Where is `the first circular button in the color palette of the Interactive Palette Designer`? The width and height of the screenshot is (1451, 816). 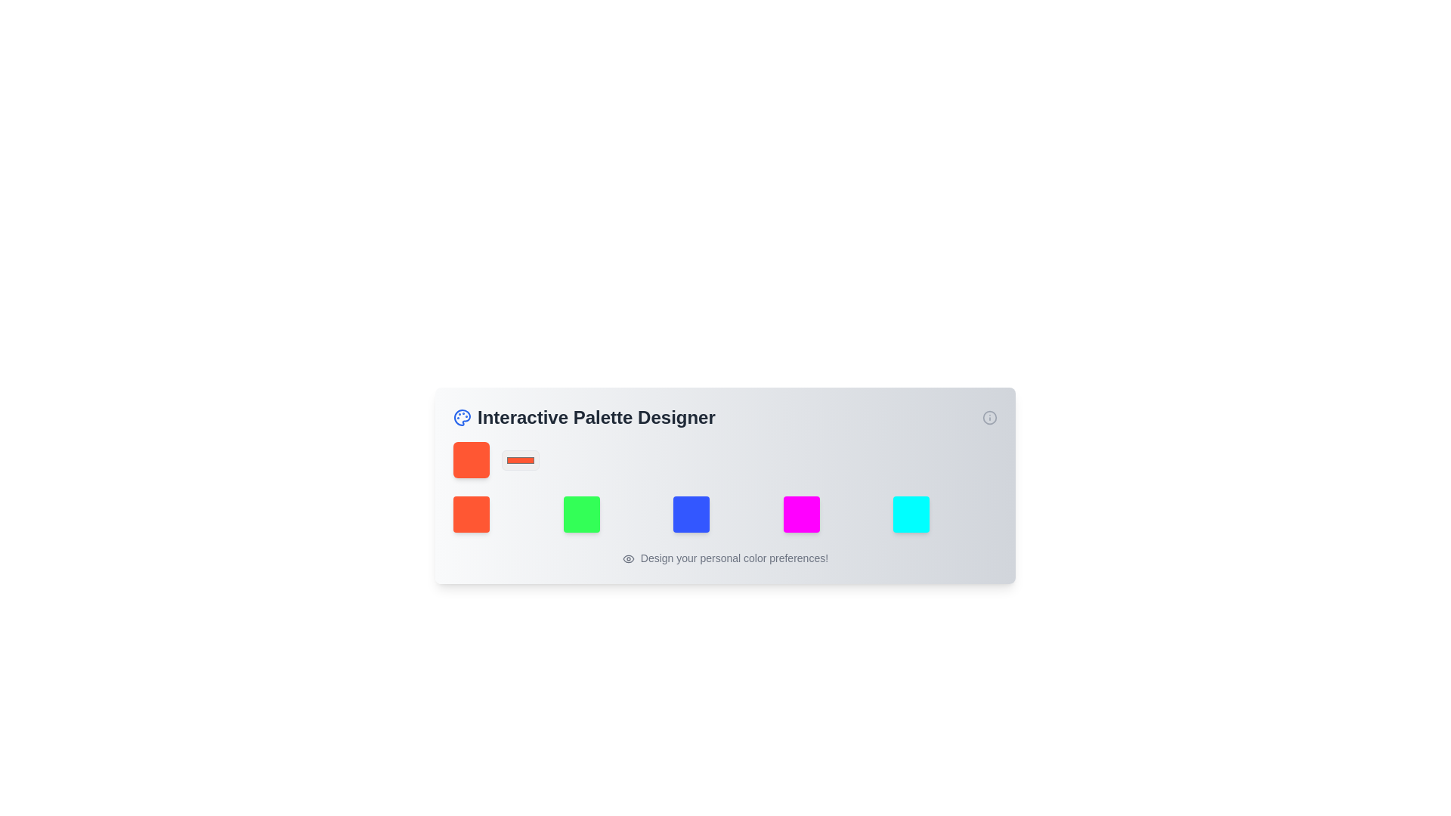 the first circular button in the color palette of the Interactive Palette Designer is located at coordinates (471, 514).